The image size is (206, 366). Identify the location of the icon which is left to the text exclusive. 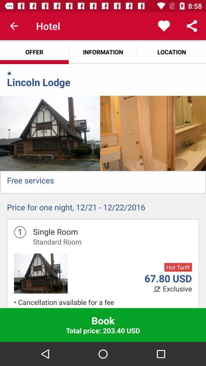
(158, 289).